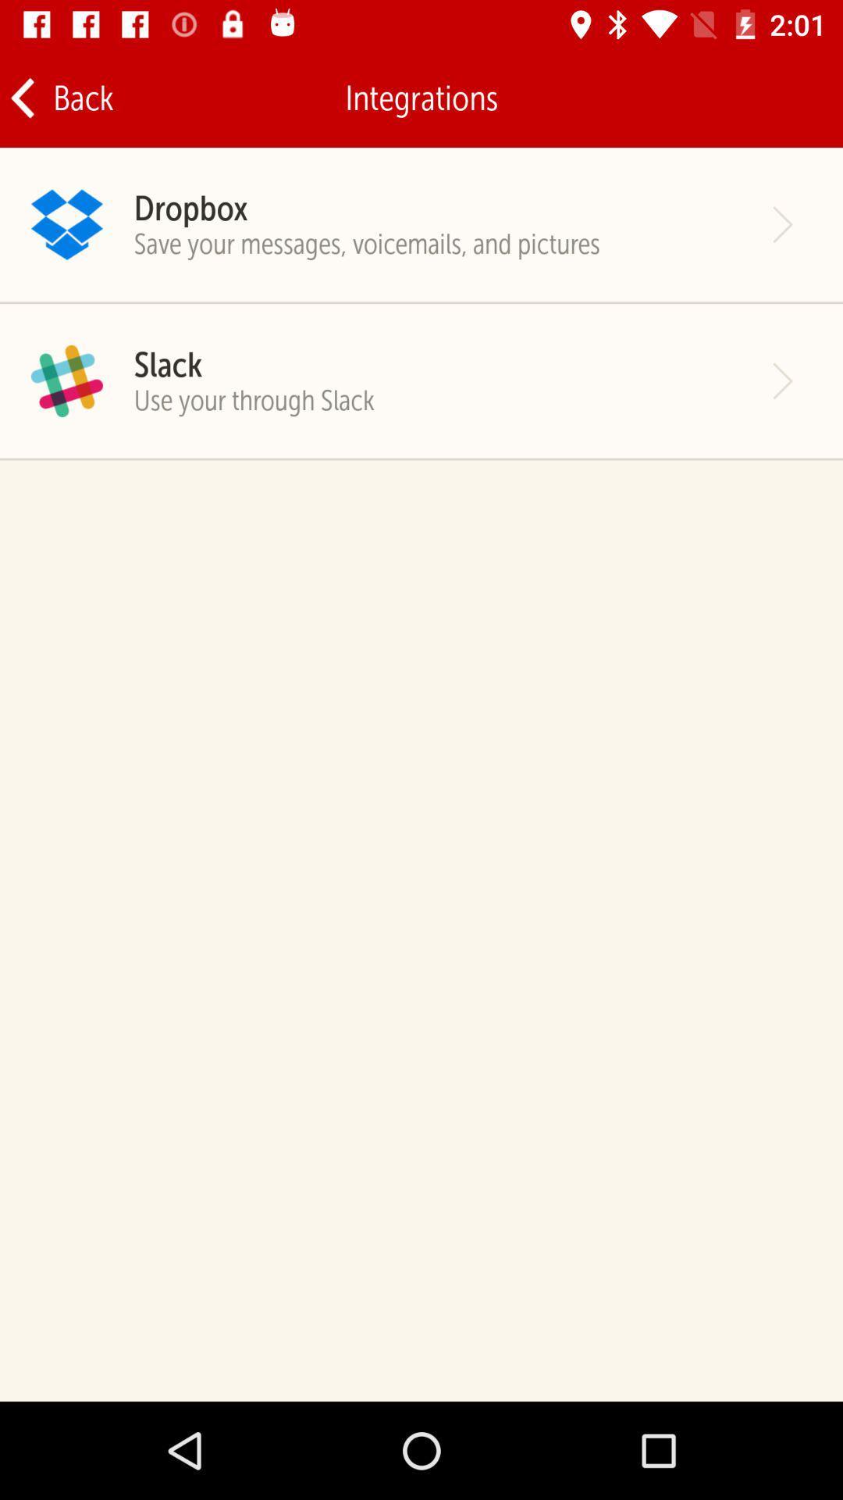 The image size is (843, 1500). Describe the element at coordinates (367, 243) in the screenshot. I see `the save your messages icon` at that location.